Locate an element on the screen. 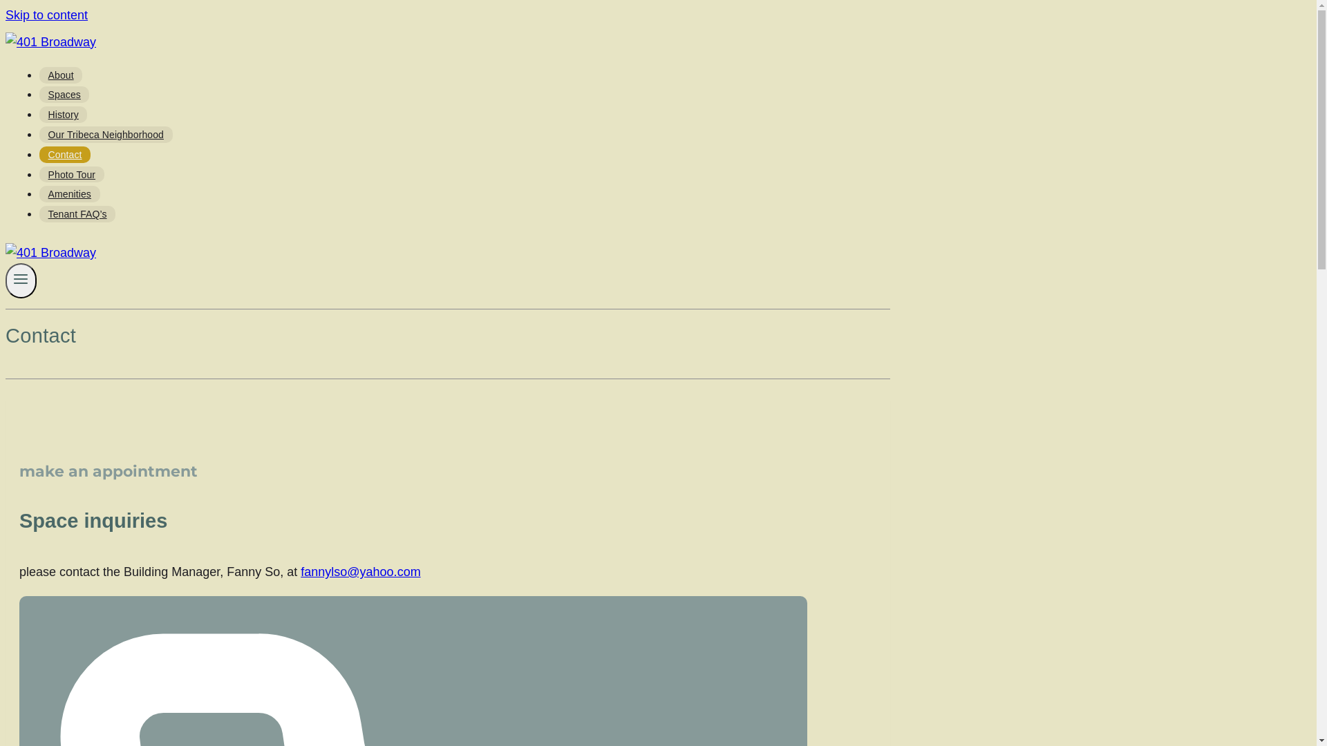 Image resolution: width=1327 pixels, height=746 pixels. 'Contact' is located at coordinates (64, 154).